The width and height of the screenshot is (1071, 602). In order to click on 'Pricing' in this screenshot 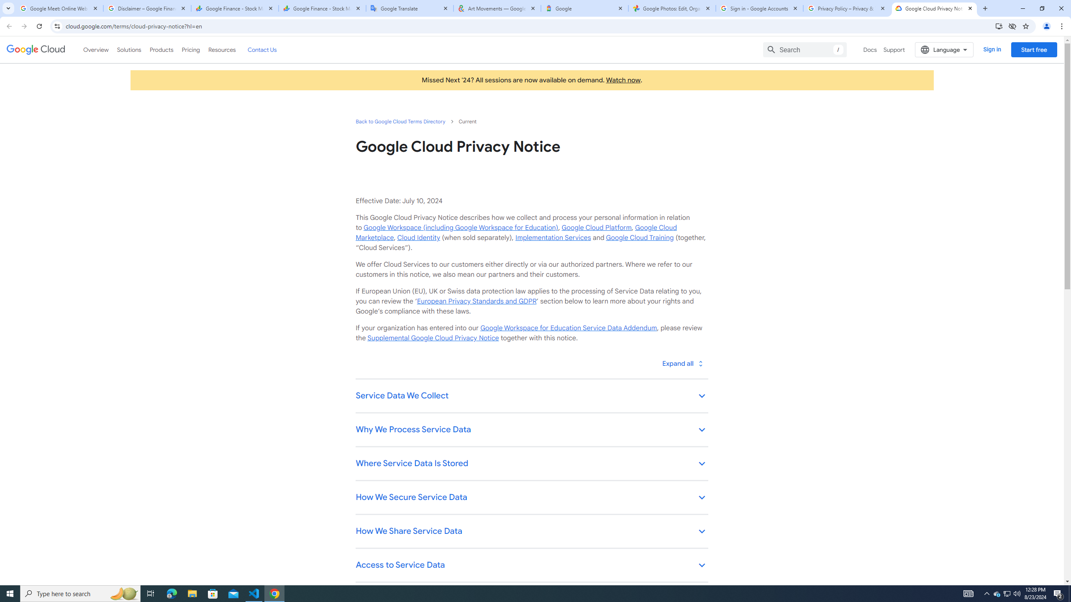, I will do `click(191, 49)`.